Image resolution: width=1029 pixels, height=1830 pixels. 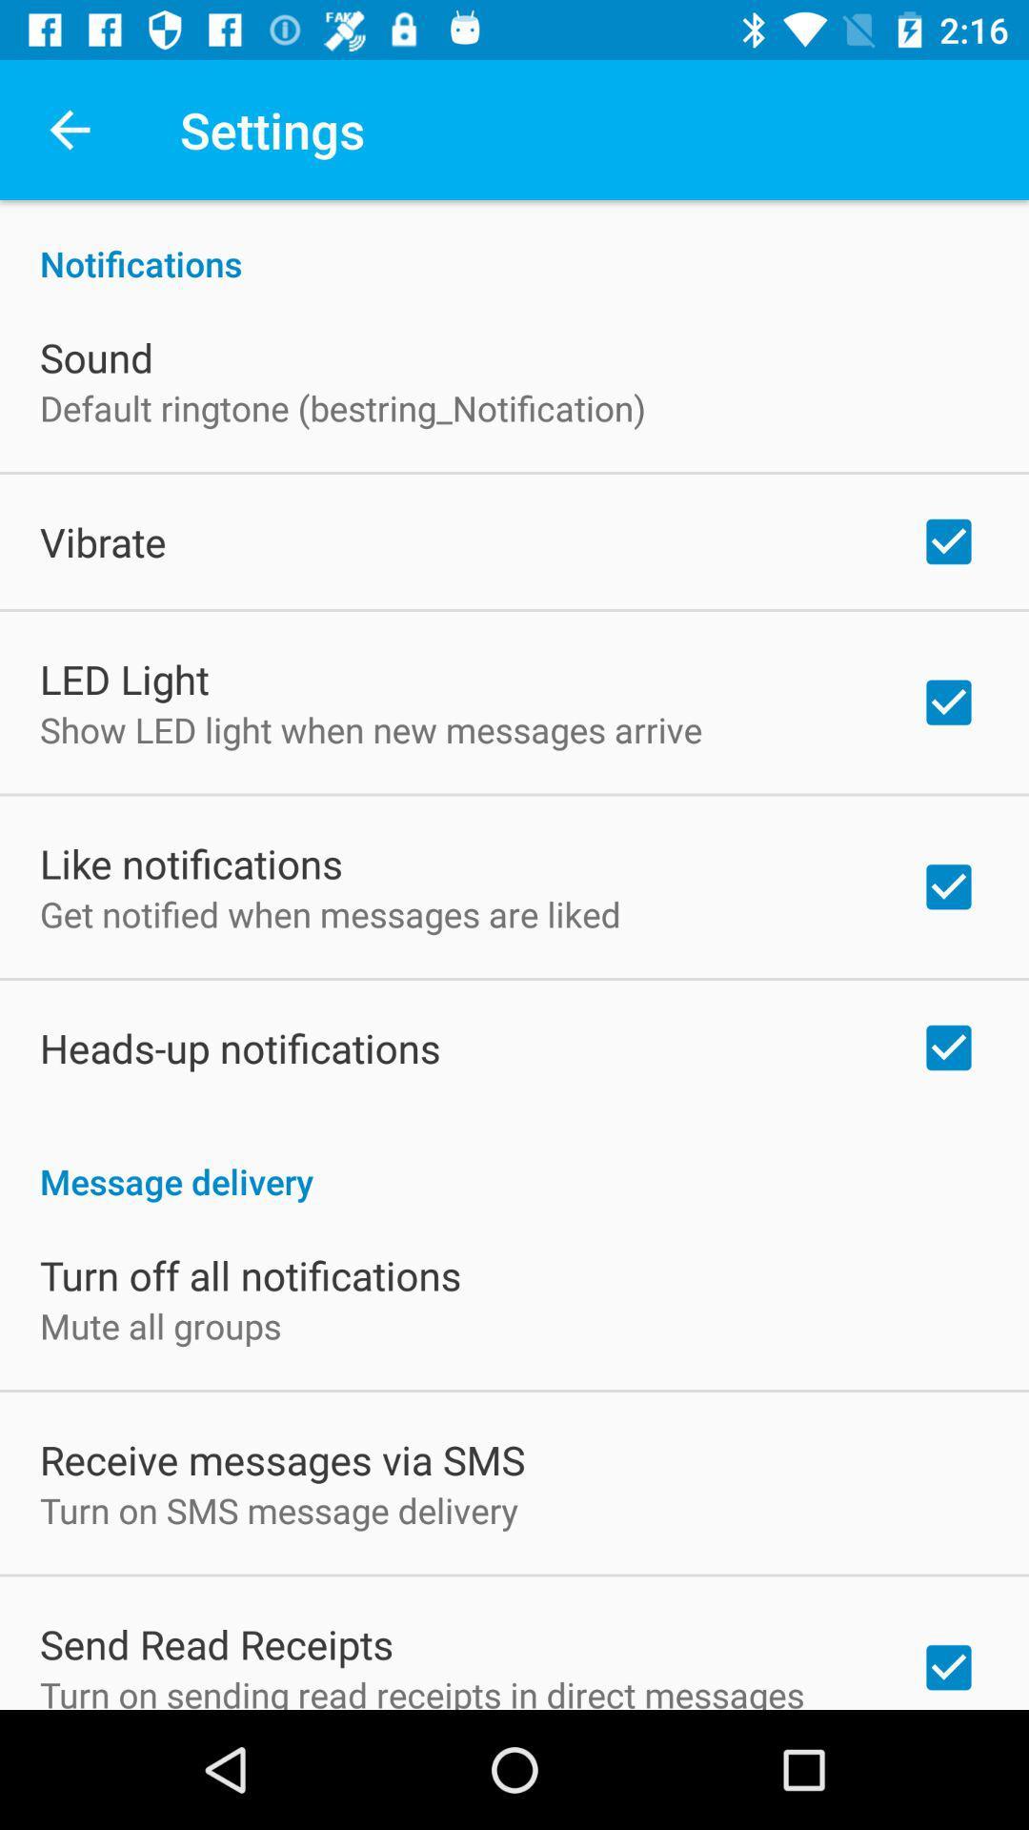 I want to click on the vibrate icon, so click(x=103, y=540).